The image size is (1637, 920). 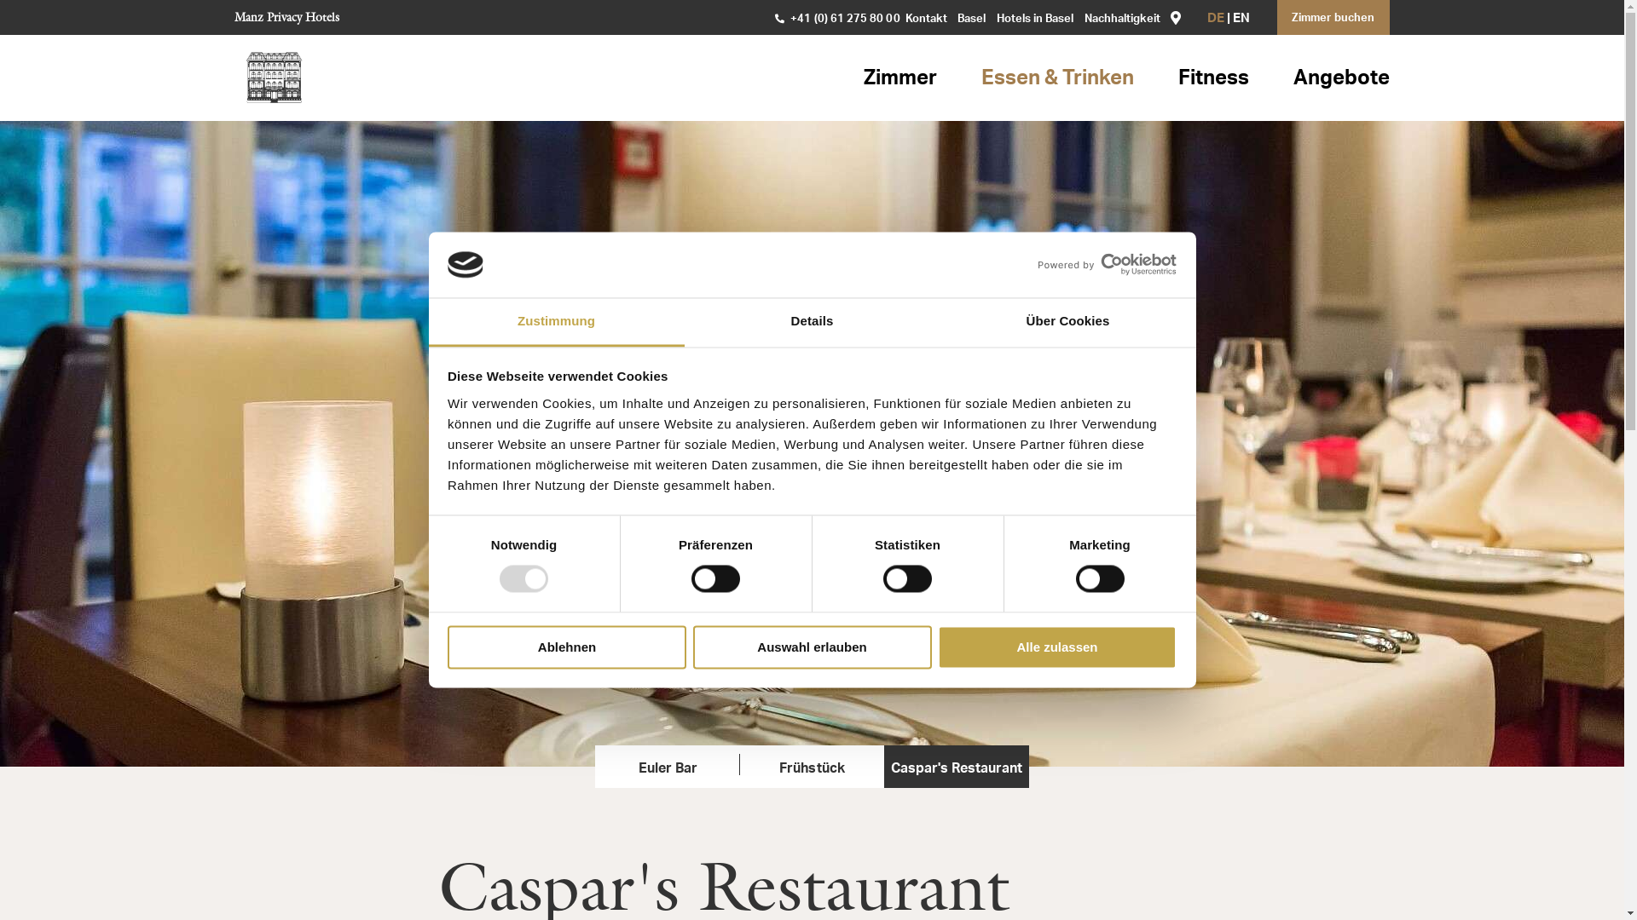 I want to click on 'Fitness', so click(x=1212, y=78).